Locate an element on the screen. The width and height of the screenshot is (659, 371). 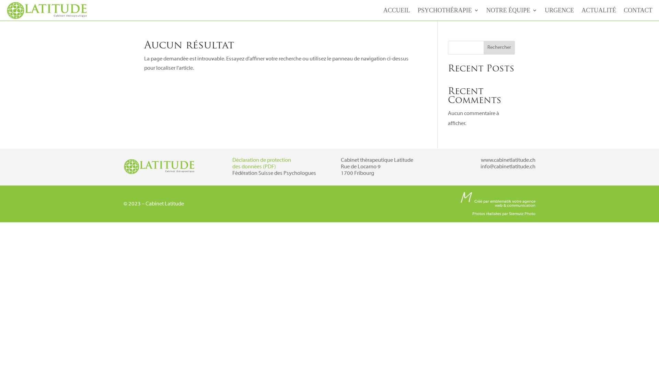
'CONTACT' is located at coordinates (637, 12).